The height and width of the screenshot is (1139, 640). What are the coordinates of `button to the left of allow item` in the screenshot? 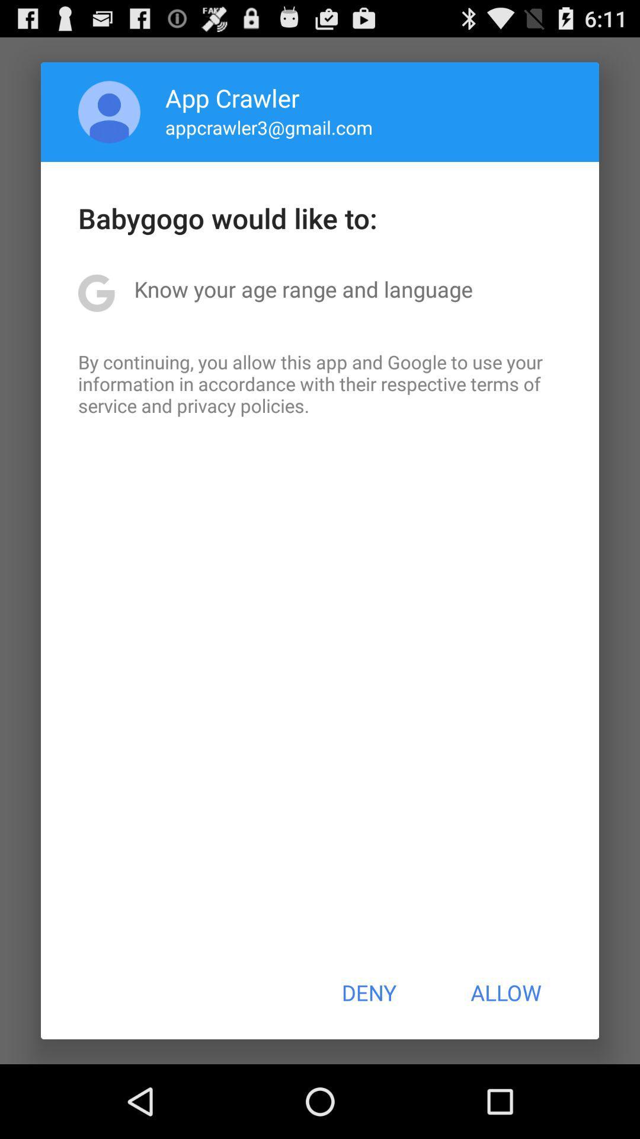 It's located at (368, 992).